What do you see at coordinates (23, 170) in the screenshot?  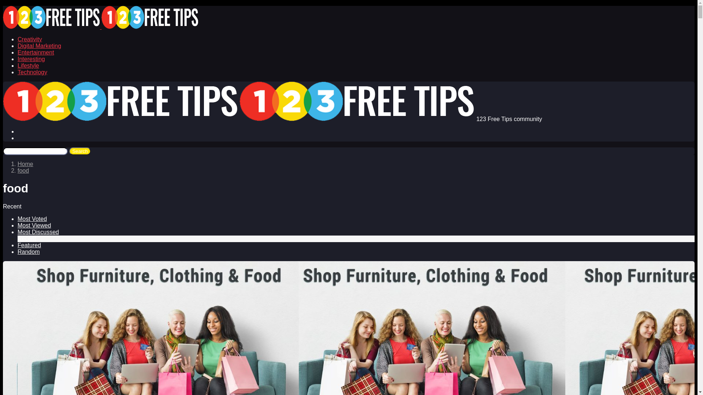 I see `'food'` at bounding box center [23, 170].